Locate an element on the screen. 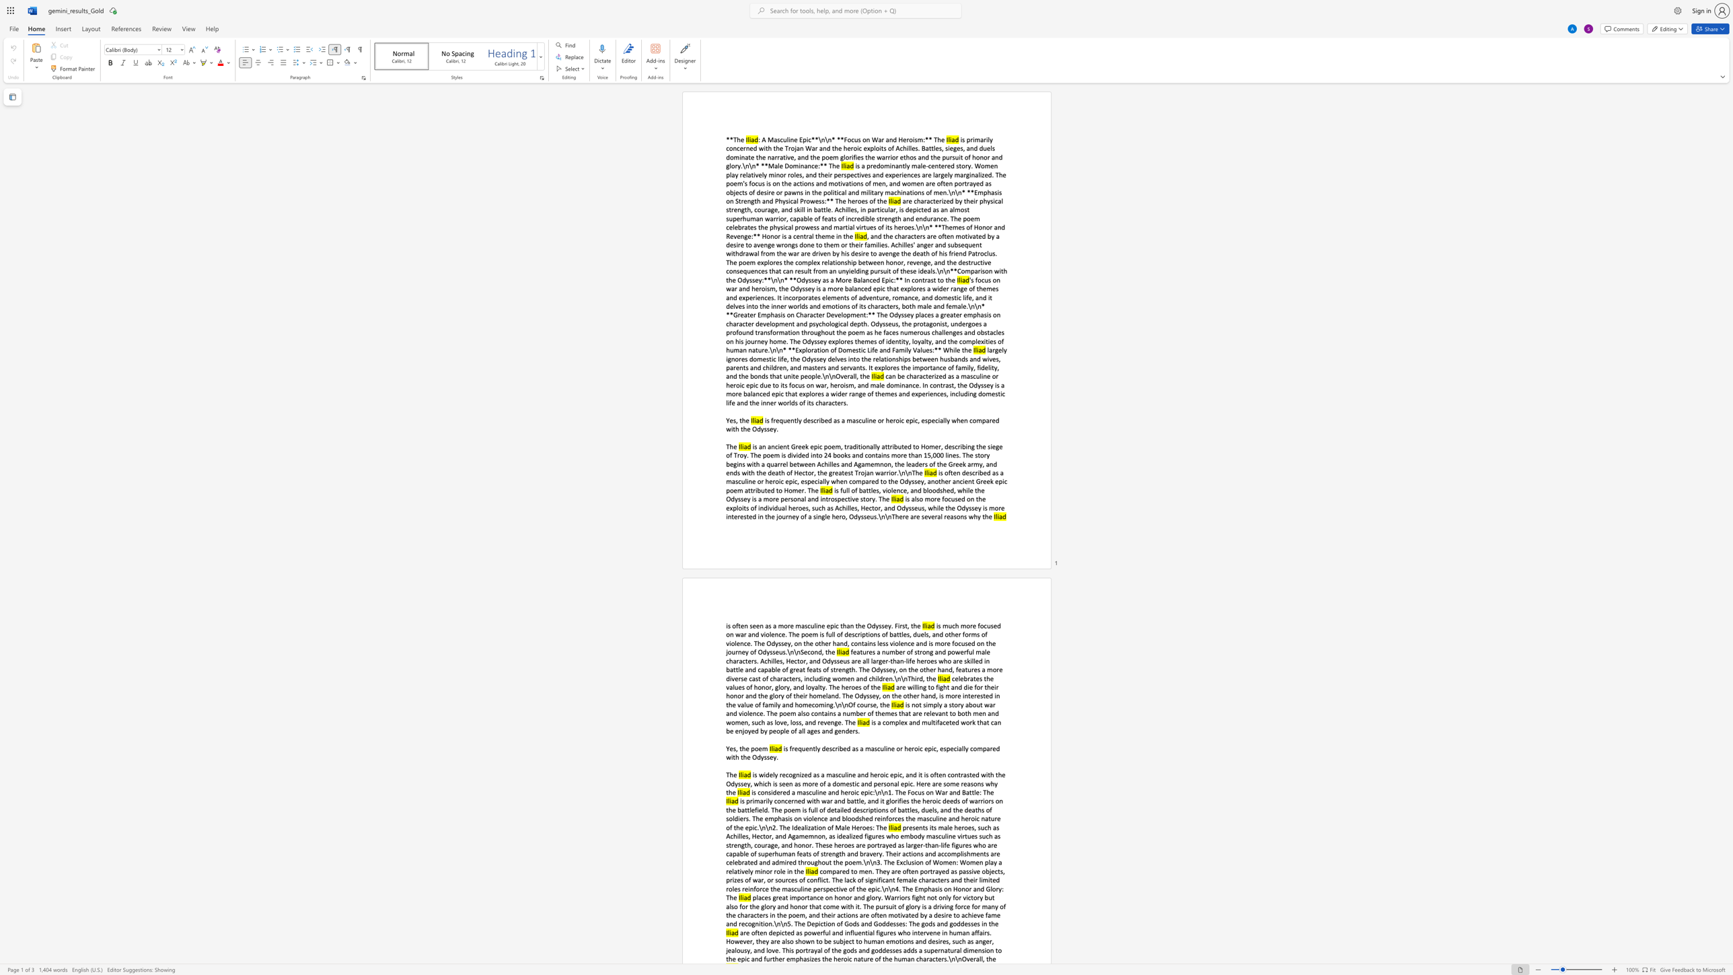  the subset text "tues of its heroes.\n\n* **Themes of Honor and Revenge:** Honor is a central the" within the text "are characterized by their physical strength, courage, and skill in battle. Achilles, in particular, is depicted as an almost superhuman warrior, capable of feats of incredible strength and endurance. The poem celebrates the physical prowess and martial virtues of its heroes.\n\n* **Themes of Honor and Revenge:** Honor is a central theme in the" is located at coordinates (863, 226).